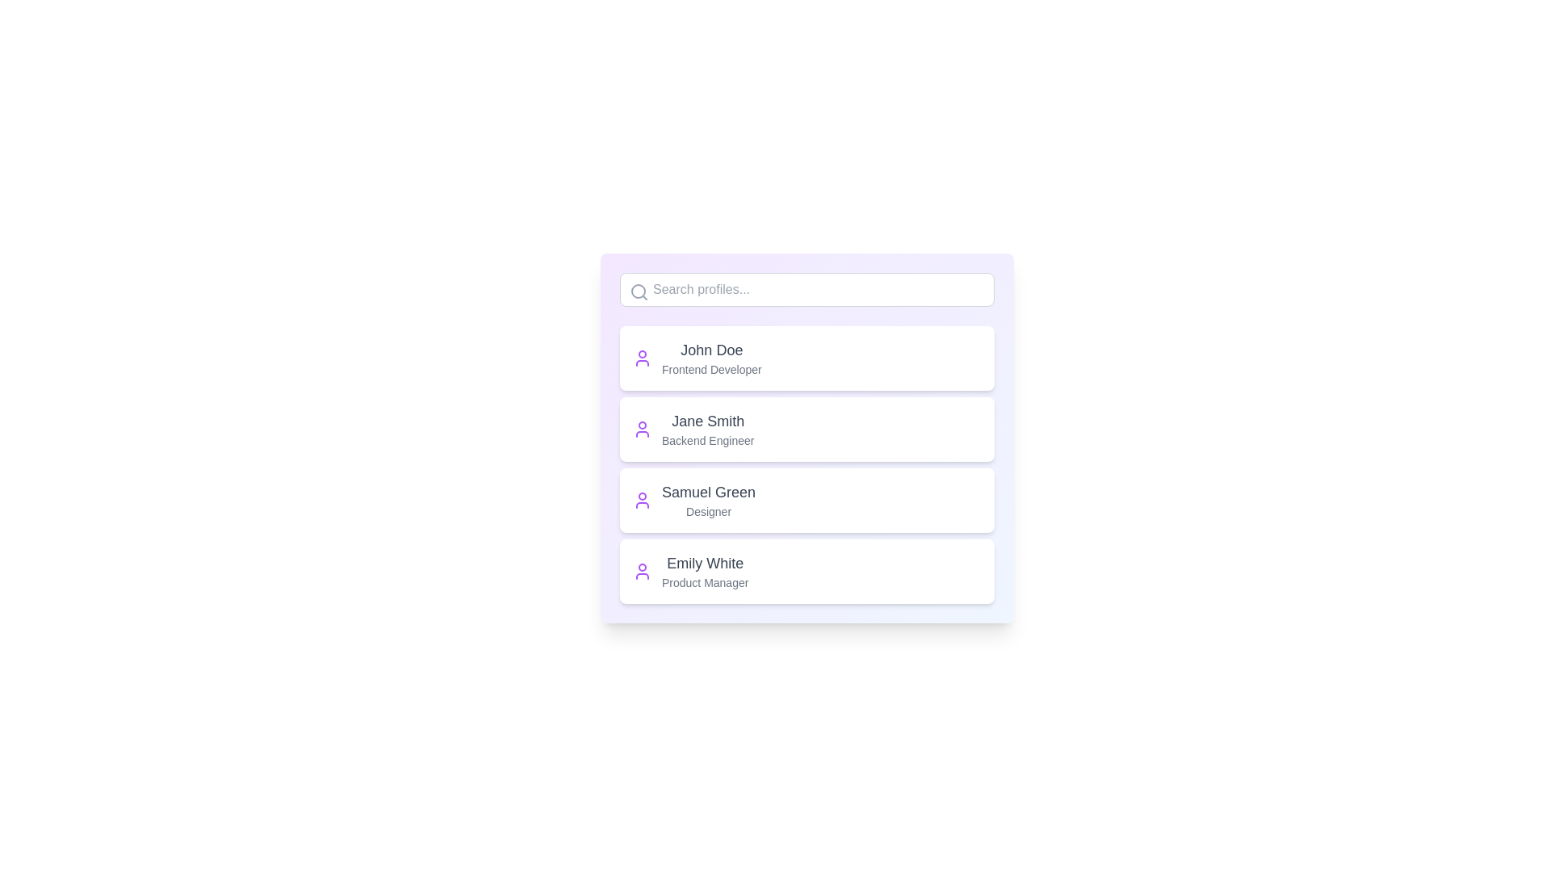  What do you see at coordinates (806, 500) in the screenshot?
I see `the user profile list item for 'Samuel Green'` at bounding box center [806, 500].